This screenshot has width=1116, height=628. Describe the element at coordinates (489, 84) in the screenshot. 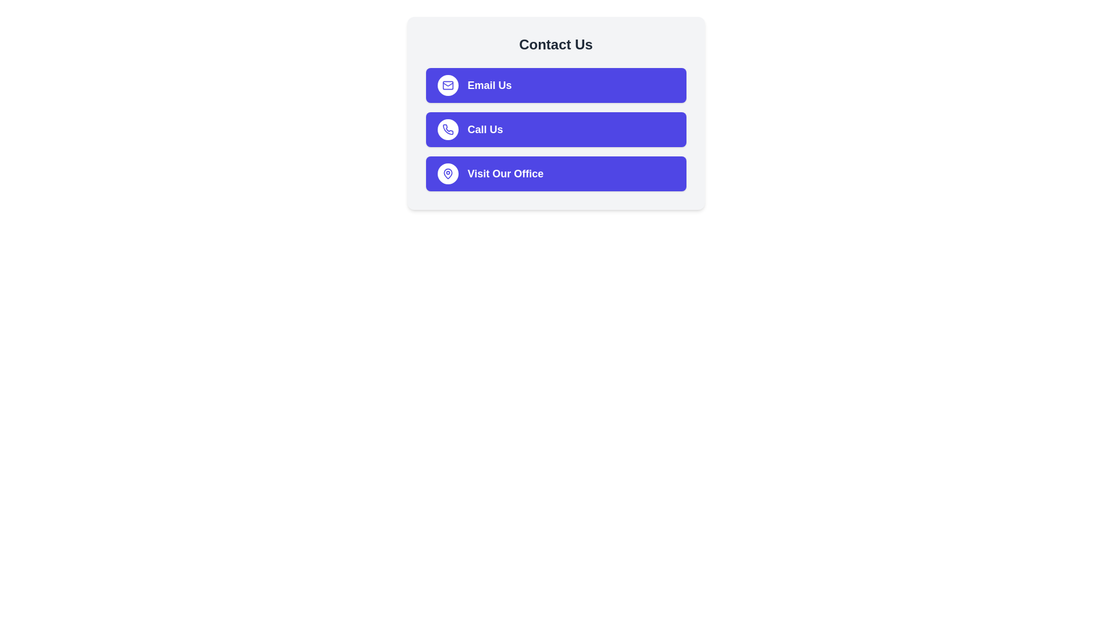

I see `the label element that indicates the action to initiate email correspondence` at that location.